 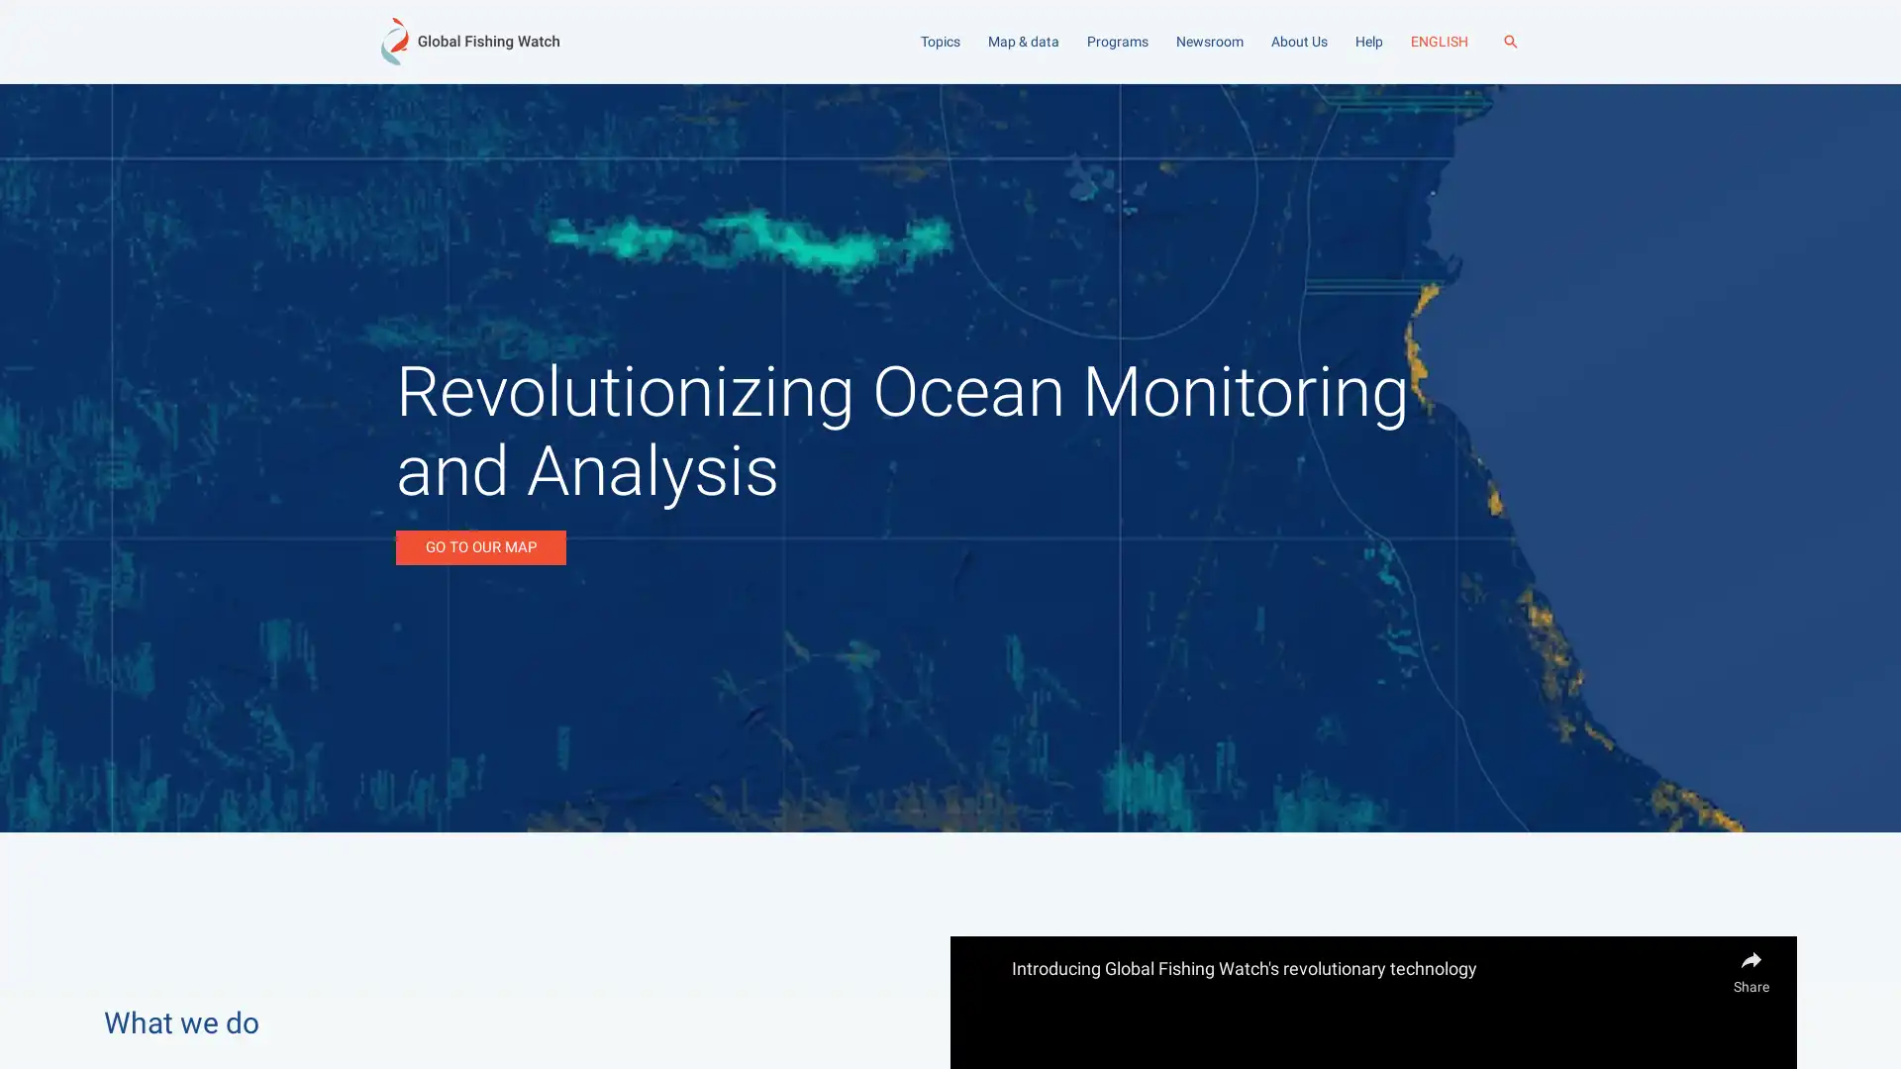 I want to click on GO TO OUR MAP, so click(x=480, y=546).